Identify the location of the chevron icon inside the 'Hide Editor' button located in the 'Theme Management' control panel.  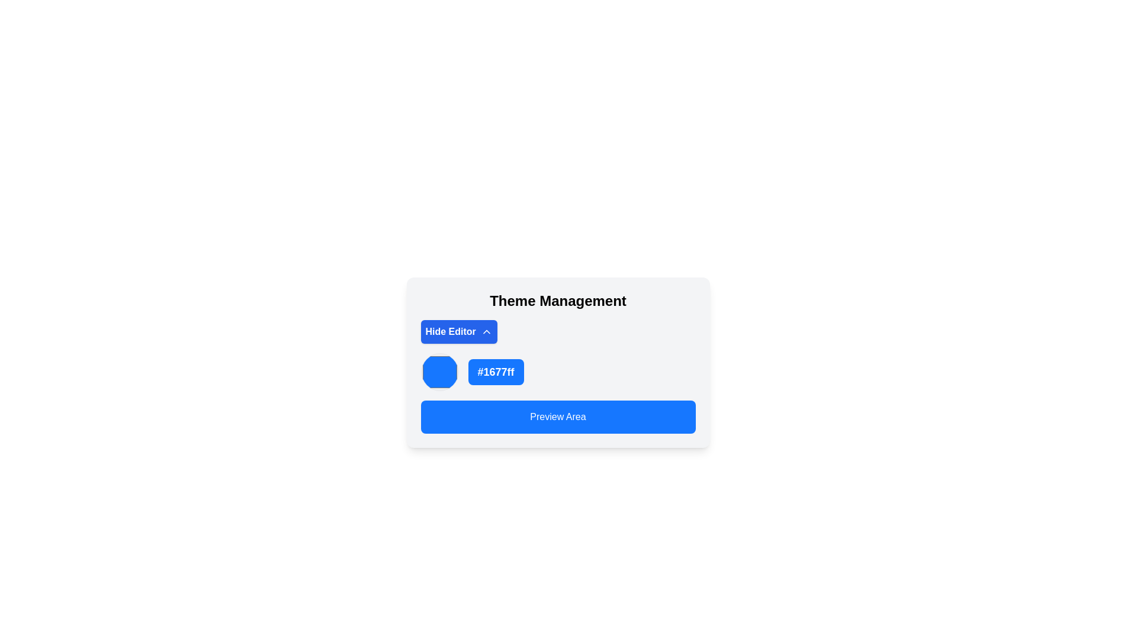
(486, 331).